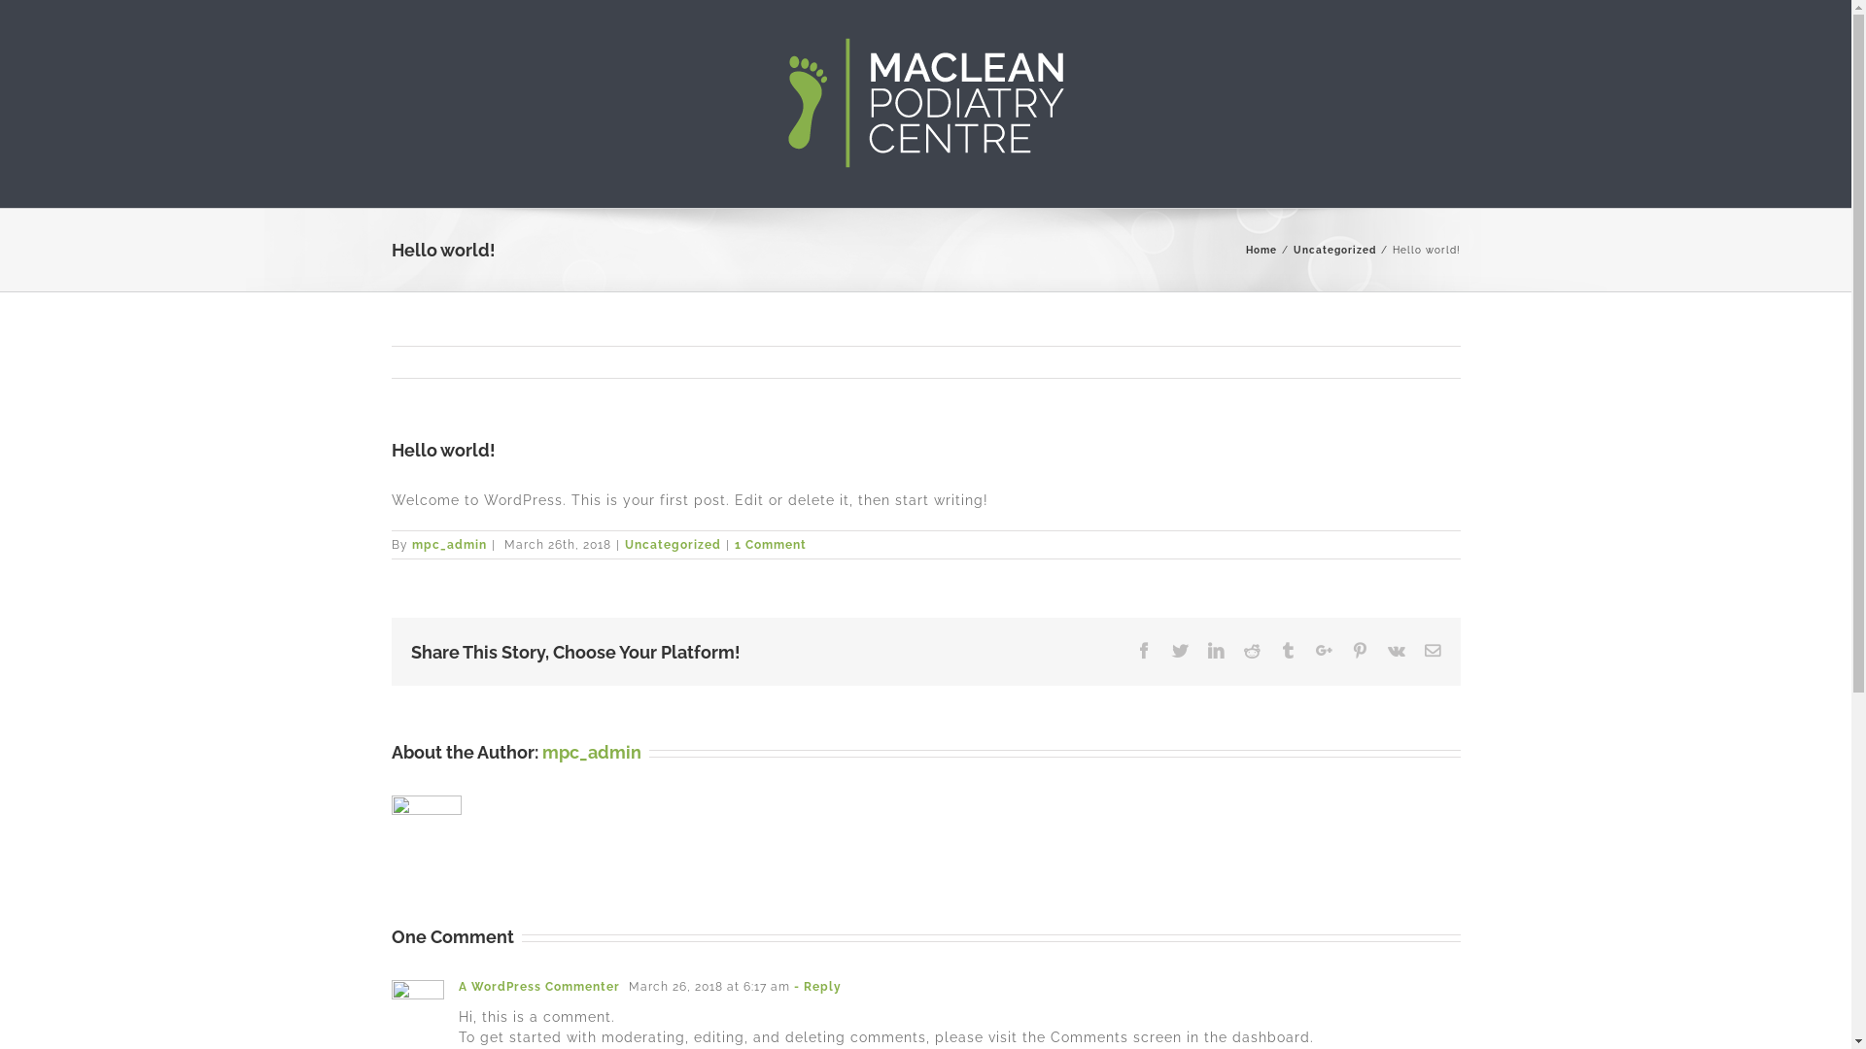  I want to click on 'Tumblr', so click(1287, 651).